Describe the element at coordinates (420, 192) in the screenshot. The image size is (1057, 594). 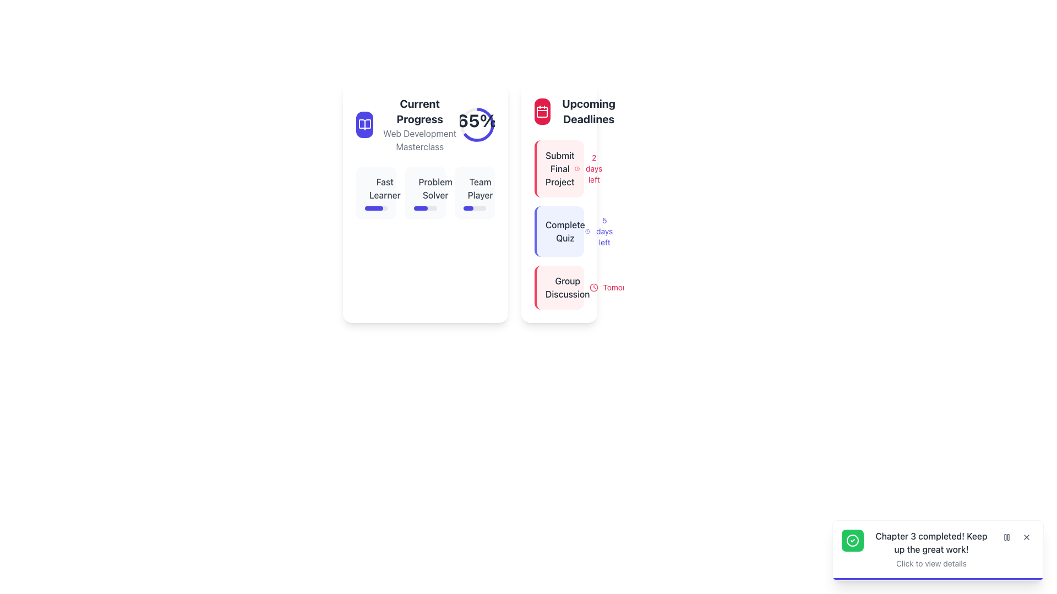
I see `the Decorative SVG graphic that resembles the lower part of a medal's ribbon design, located within the 'Current Progress' section of the application's card layout` at that location.